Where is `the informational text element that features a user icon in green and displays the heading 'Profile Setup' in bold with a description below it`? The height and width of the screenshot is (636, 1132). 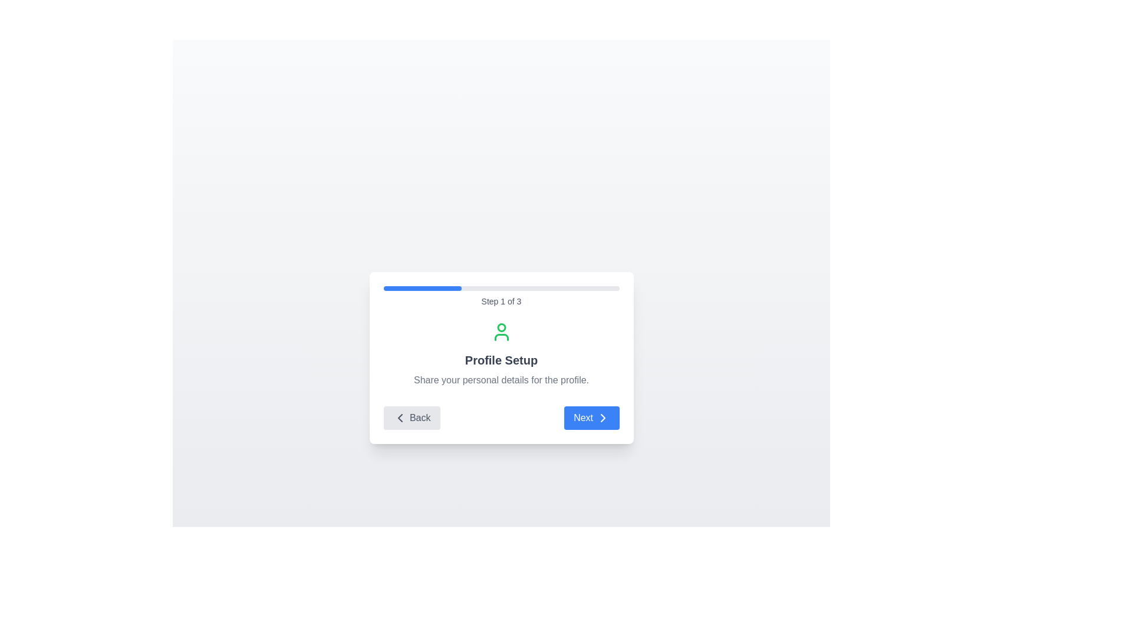
the informational text element that features a user icon in green and displays the heading 'Profile Setup' in bold with a description below it is located at coordinates (501, 353).